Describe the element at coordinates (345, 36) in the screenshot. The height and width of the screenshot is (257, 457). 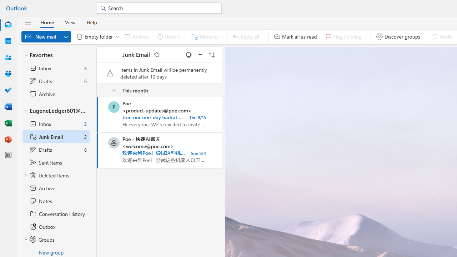
I see `'Flag / Unflag'` at that location.